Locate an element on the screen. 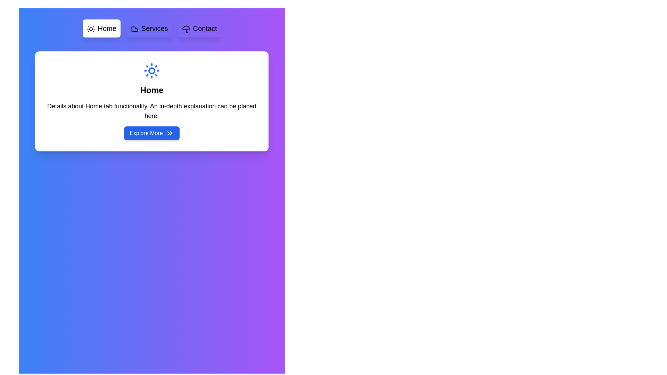 This screenshot has width=667, height=375. the second right-facing arrow icon in the SVG element, located below the 'Home' section description is located at coordinates (171, 133).